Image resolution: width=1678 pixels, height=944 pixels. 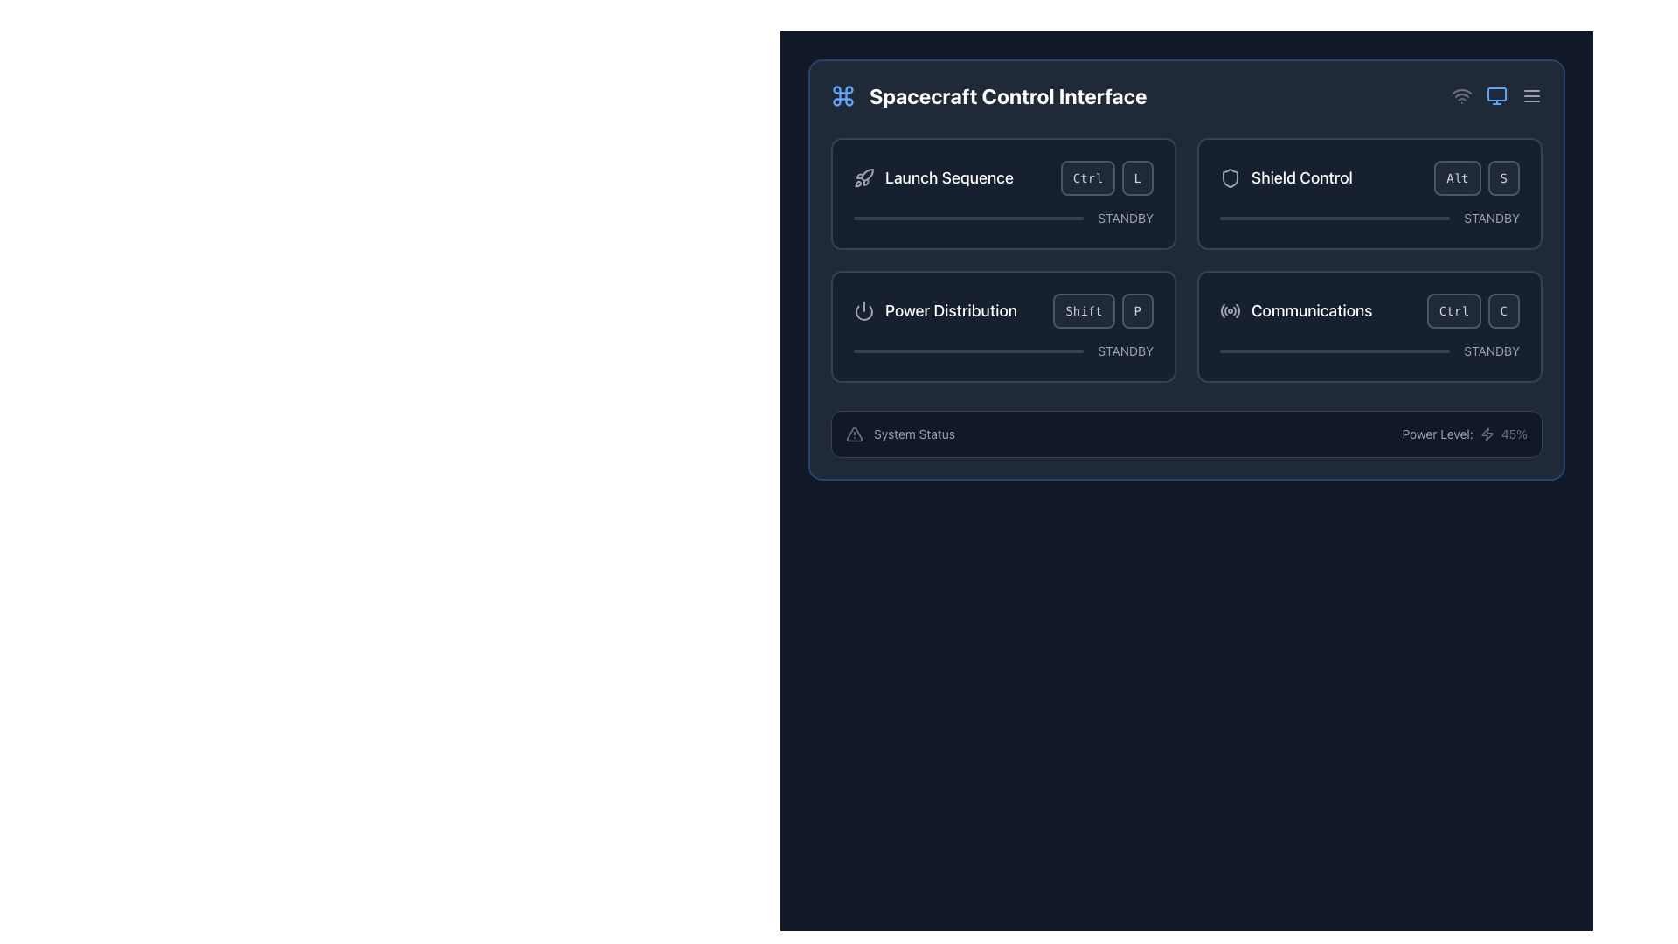 I want to click on text displayed in the small text label saying 'STANDBY' located in the 'Launch Sequence' section of the 'Spacecraft Control Interface', positioned to the right within a row containing a progress bar, so click(x=1126, y=218).